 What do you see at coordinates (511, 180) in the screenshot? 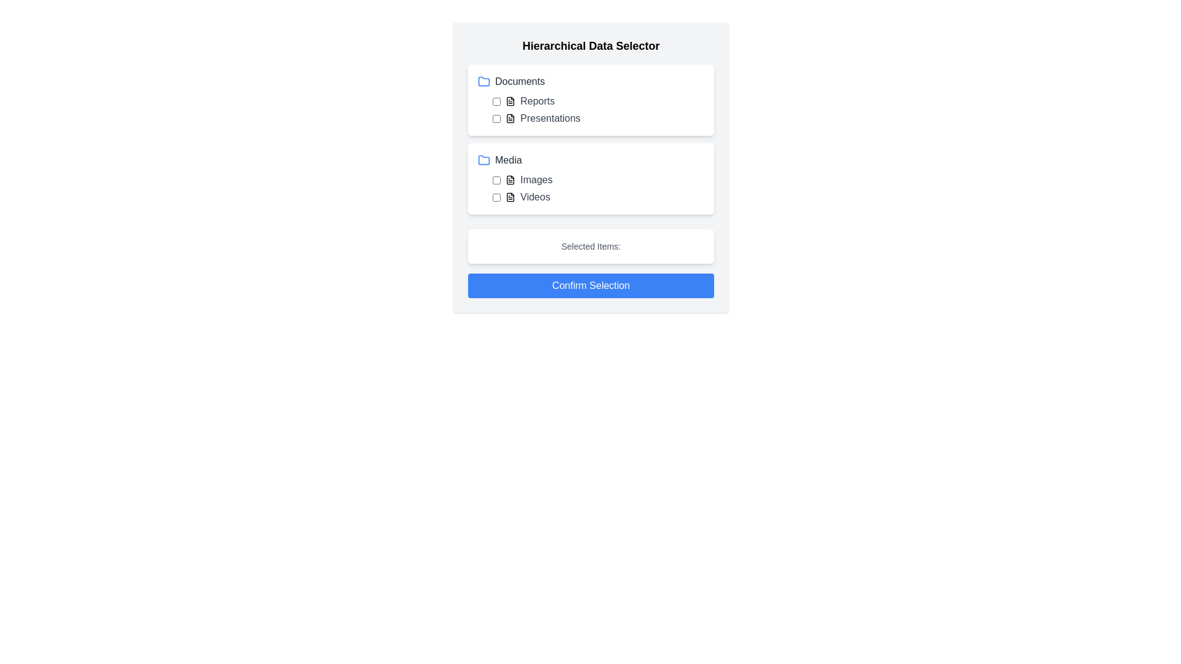
I see `the icon in the 'Media' section that visually indicates a document or file type, located to the left of the 'Images' label and to the right of a checkbox` at bounding box center [511, 180].